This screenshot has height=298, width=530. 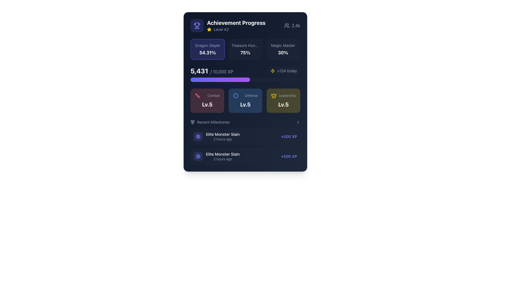 I want to click on the list item labeled 'Elite Monster Slain' with the timestamp '2 hours ago' in the milestones list, located at the bottom of the 'Recent Milestones' section, so click(x=216, y=156).